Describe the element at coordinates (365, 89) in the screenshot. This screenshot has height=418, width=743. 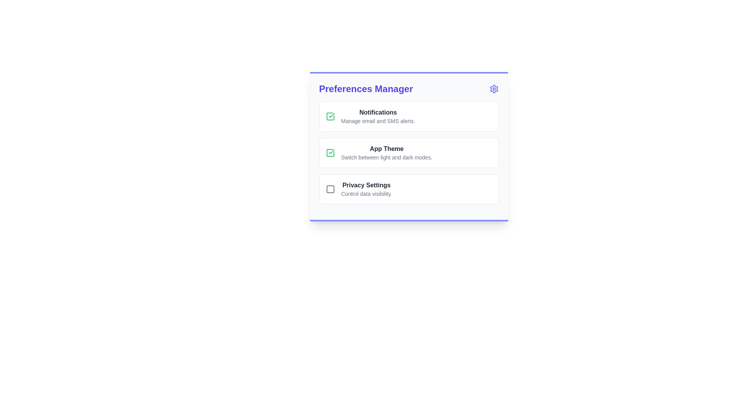
I see `the title of the panel for accessibility or text selection` at that location.